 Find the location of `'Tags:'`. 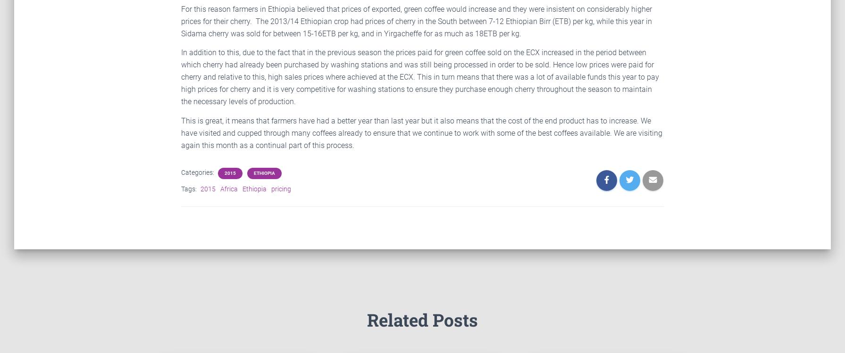

'Tags:' is located at coordinates (190, 189).